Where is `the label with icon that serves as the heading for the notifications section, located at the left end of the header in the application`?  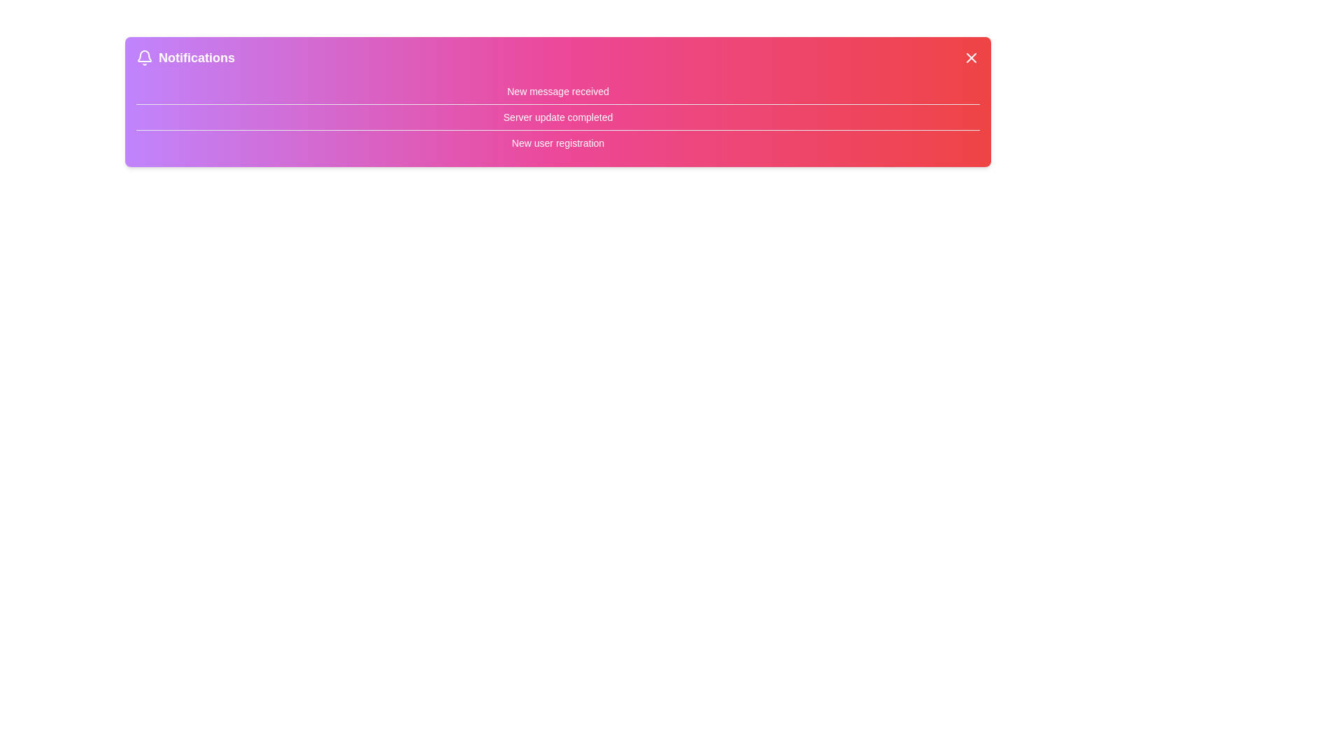
the label with icon that serves as the heading for the notifications section, located at the left end of the header in the application is located at coordinates (185, 57).